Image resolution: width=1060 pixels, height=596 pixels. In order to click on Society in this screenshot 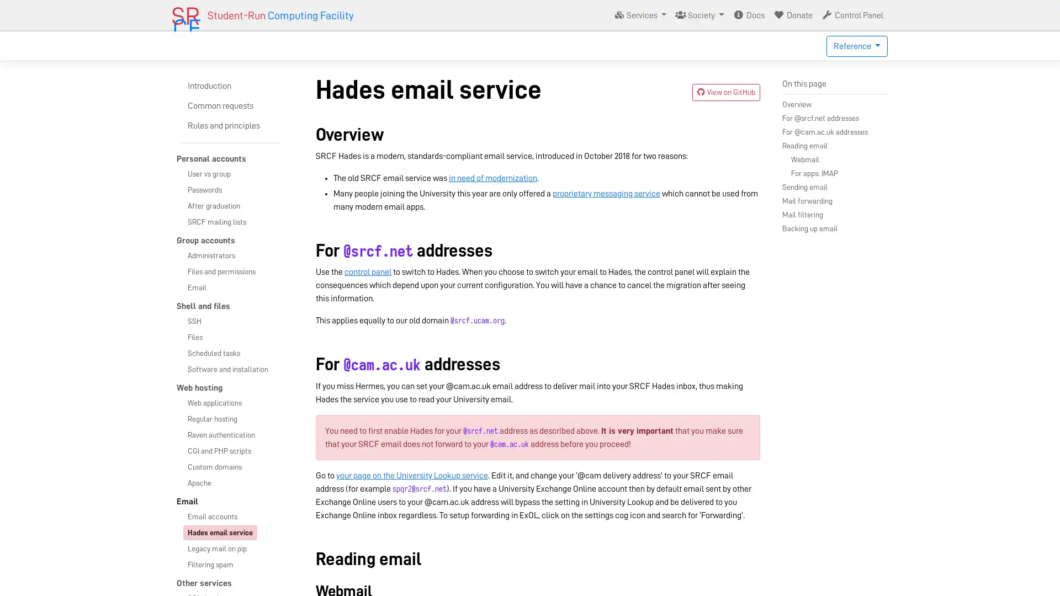, I will do `click(699, 15)`.